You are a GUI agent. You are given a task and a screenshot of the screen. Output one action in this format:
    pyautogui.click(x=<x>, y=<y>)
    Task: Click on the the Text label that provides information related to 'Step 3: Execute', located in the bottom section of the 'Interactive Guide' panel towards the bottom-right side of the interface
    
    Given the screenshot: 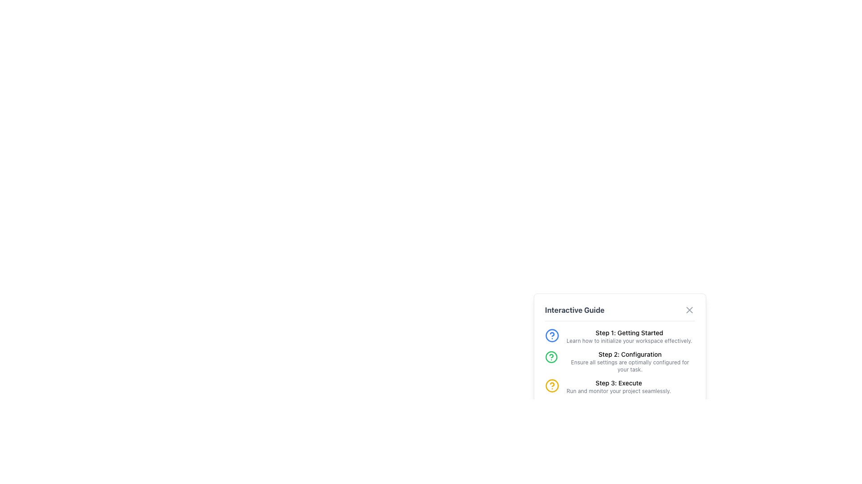 What is the action you would take?
    pyautogui.click(x=618, y=390)
    